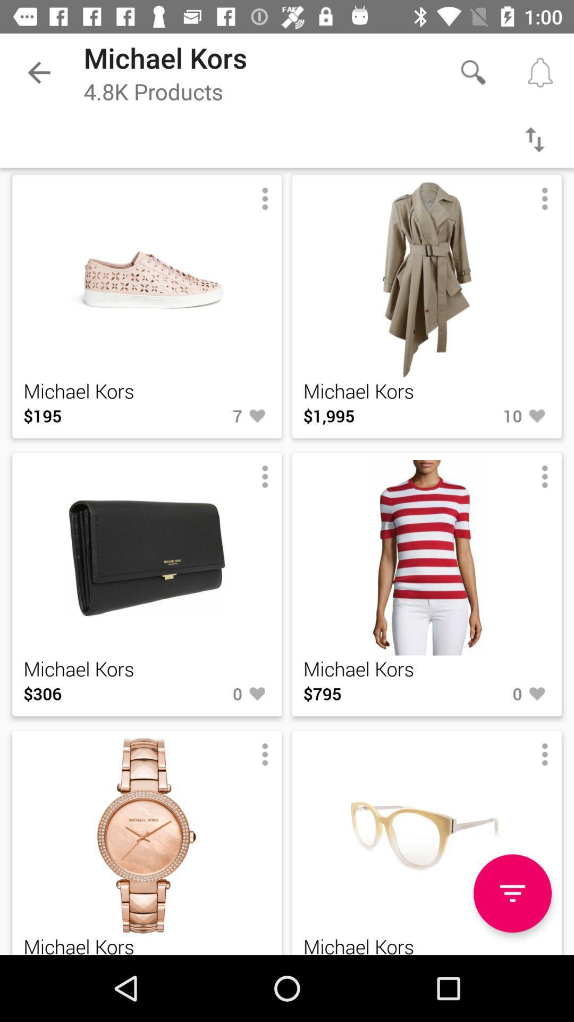  Describe the element at coordinates (209, 954) in the screenshot. I see `the 6 item` at that location.